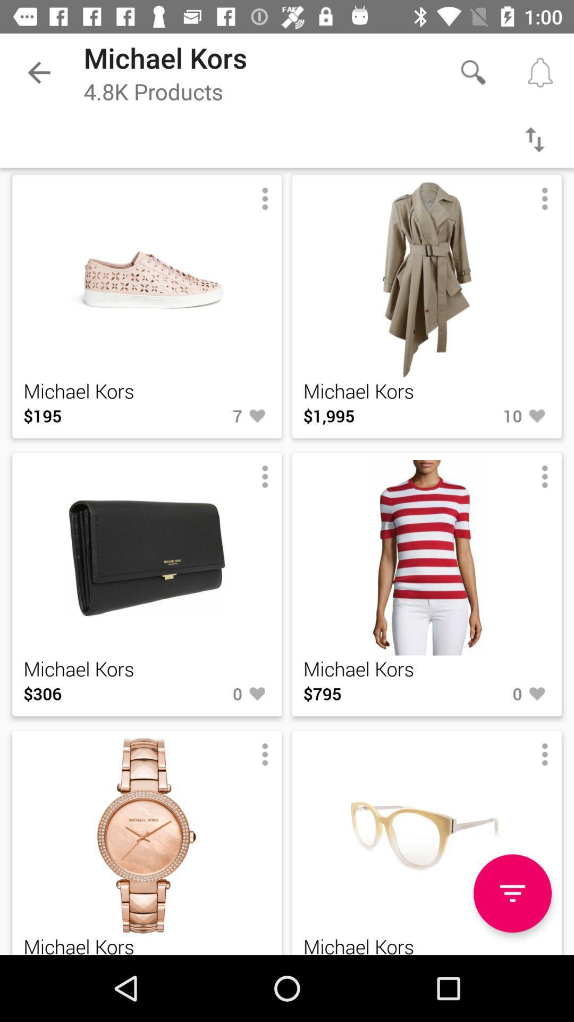  Describe the element at coordinates (209, 954) in the screenshot. I see `the 6 item` at that location.